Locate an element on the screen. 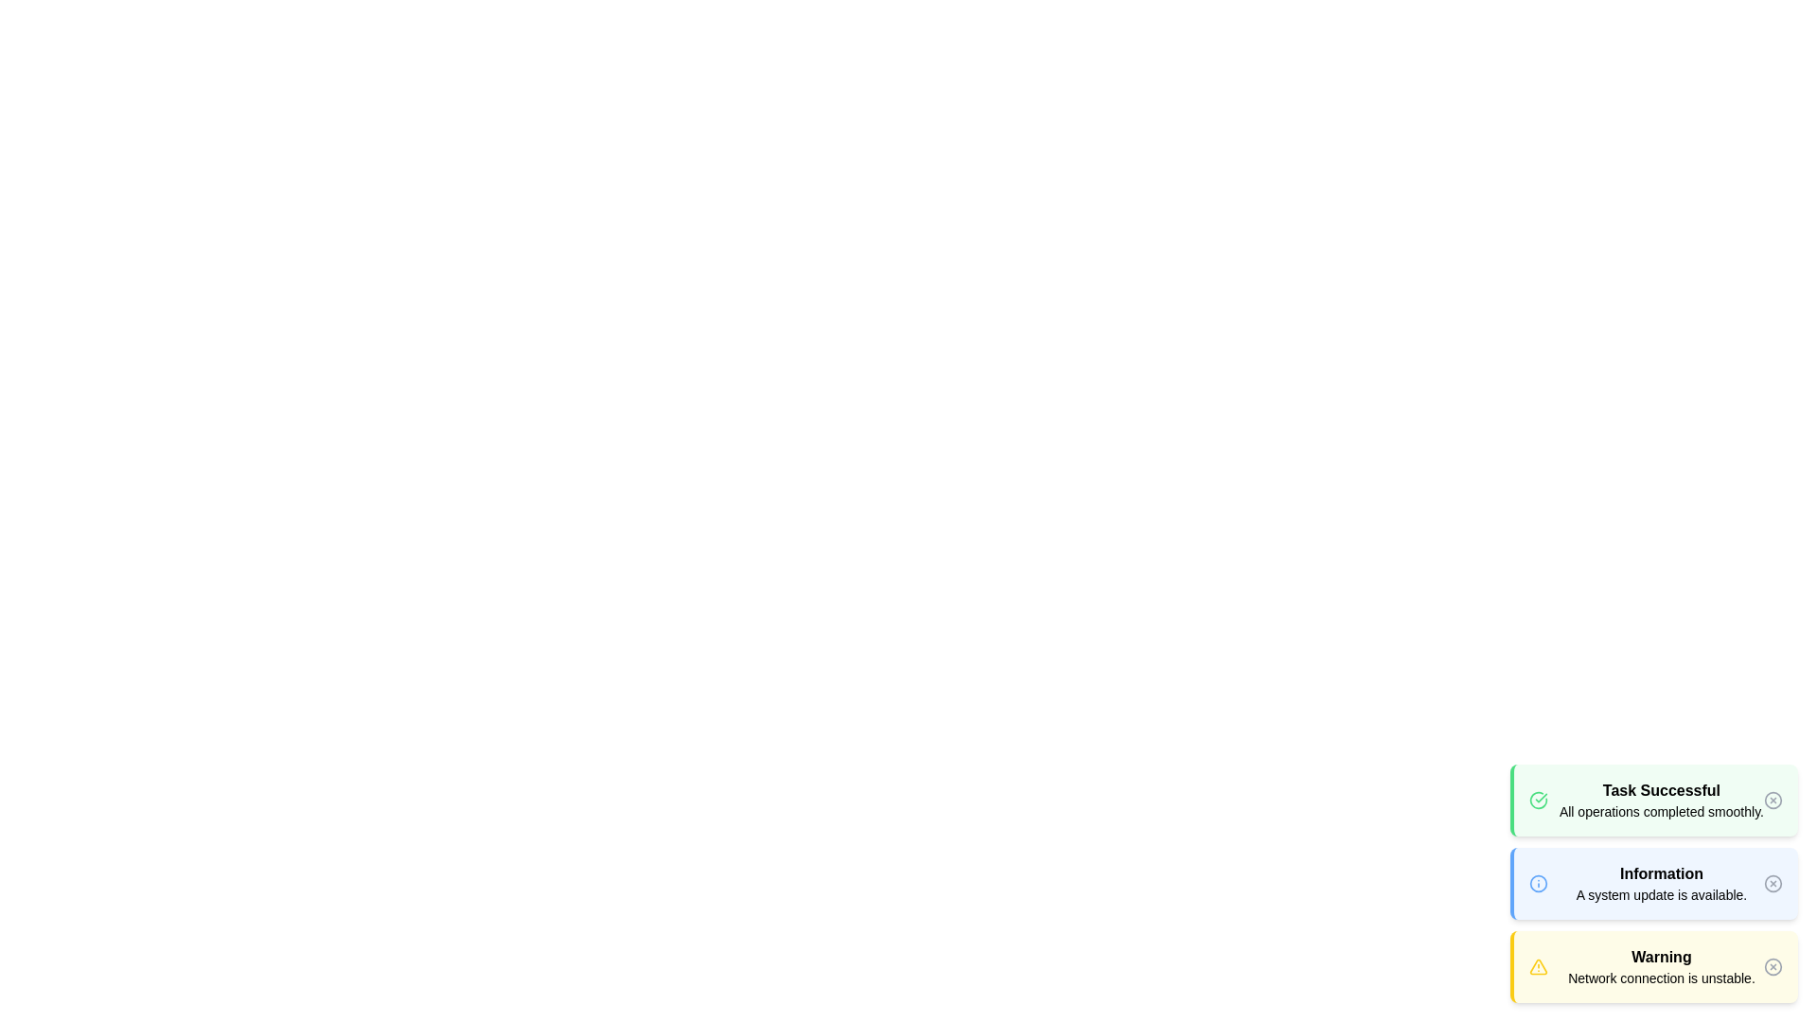 Image resolution: width=1817 pixels, height=1022 pixels. the alert title of the selected alert type: Warning is located at coordinates (1661, 957).